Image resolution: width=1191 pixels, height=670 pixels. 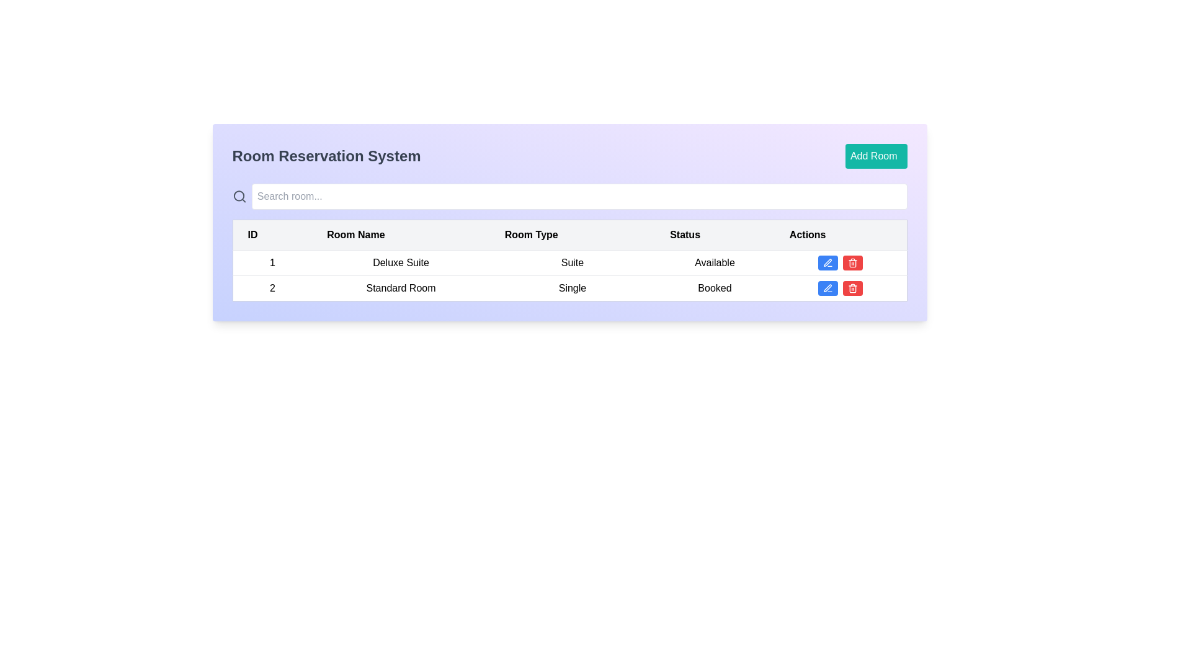 What do you see at coordinates (401, 288) in the screenshot?
I see `the text label displaying 'Standard Room', which is the second item in the 'Room Name' column of the table, centered within its row` at bounding box center [401, 288].